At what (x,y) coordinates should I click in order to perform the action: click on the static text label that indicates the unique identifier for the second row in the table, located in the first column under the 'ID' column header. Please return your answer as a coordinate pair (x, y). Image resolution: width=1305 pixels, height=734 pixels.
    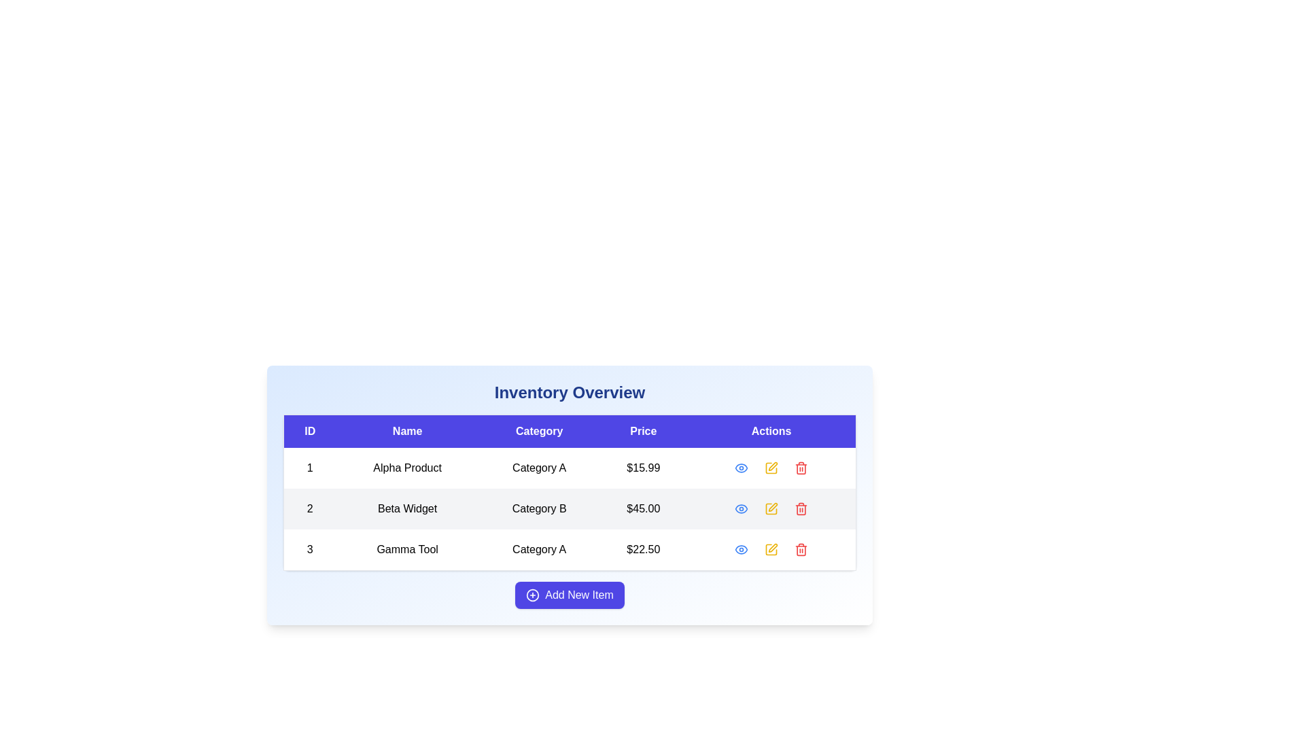
    Looking at the image, I should click on (309, 508).